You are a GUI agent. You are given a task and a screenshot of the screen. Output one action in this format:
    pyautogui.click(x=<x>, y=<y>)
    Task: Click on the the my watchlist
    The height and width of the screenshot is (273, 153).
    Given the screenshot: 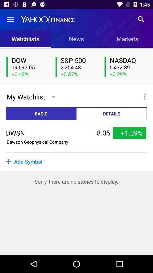 What is the action you would take?
    pyautogui.click(x=25, y=97)
    